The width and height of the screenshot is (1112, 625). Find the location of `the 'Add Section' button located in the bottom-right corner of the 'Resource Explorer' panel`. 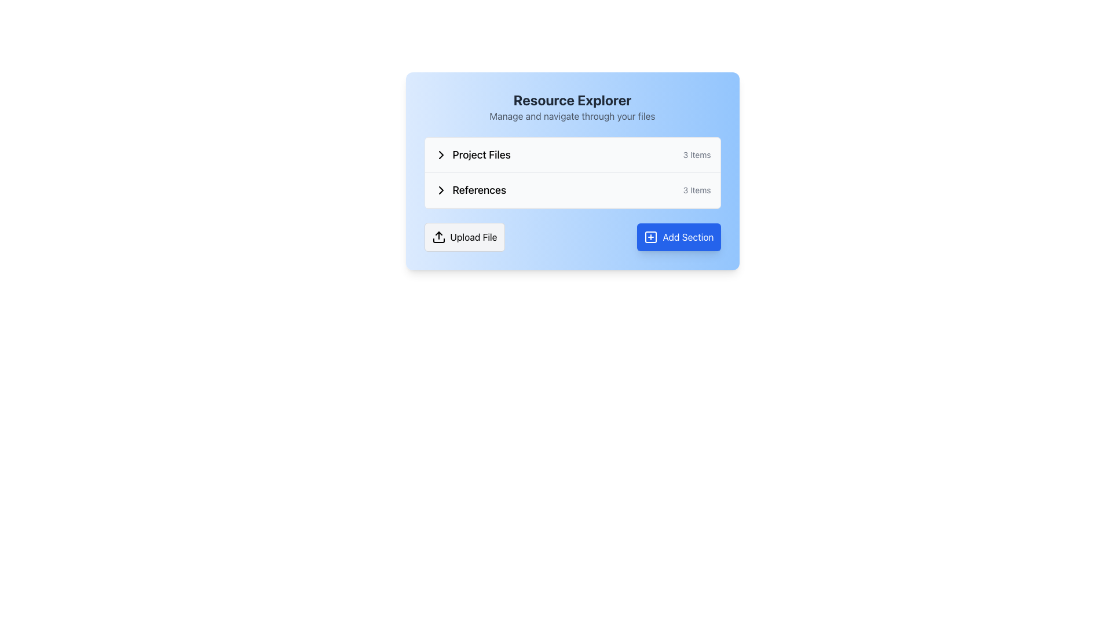

the 'Add Section' button located in the bottom-right corner of the 'Resource Explorer' panel is located at coordinates (679, 236).